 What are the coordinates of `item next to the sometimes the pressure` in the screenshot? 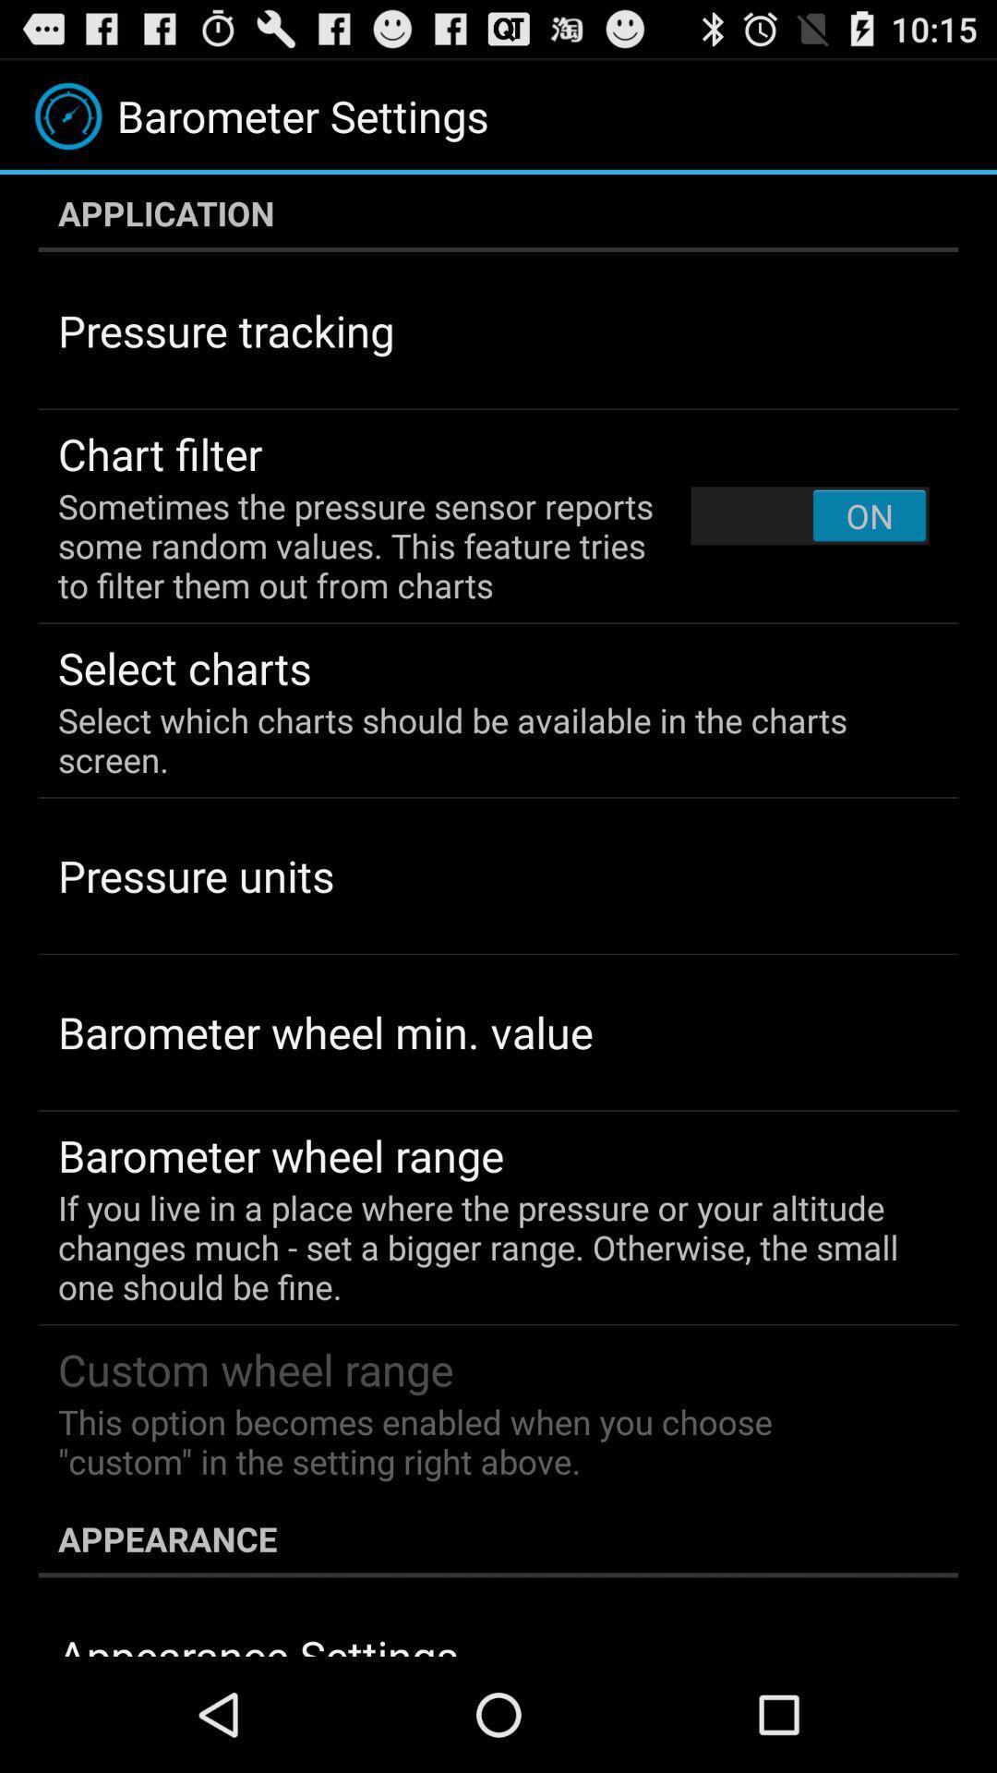 It's located at (809, 515).